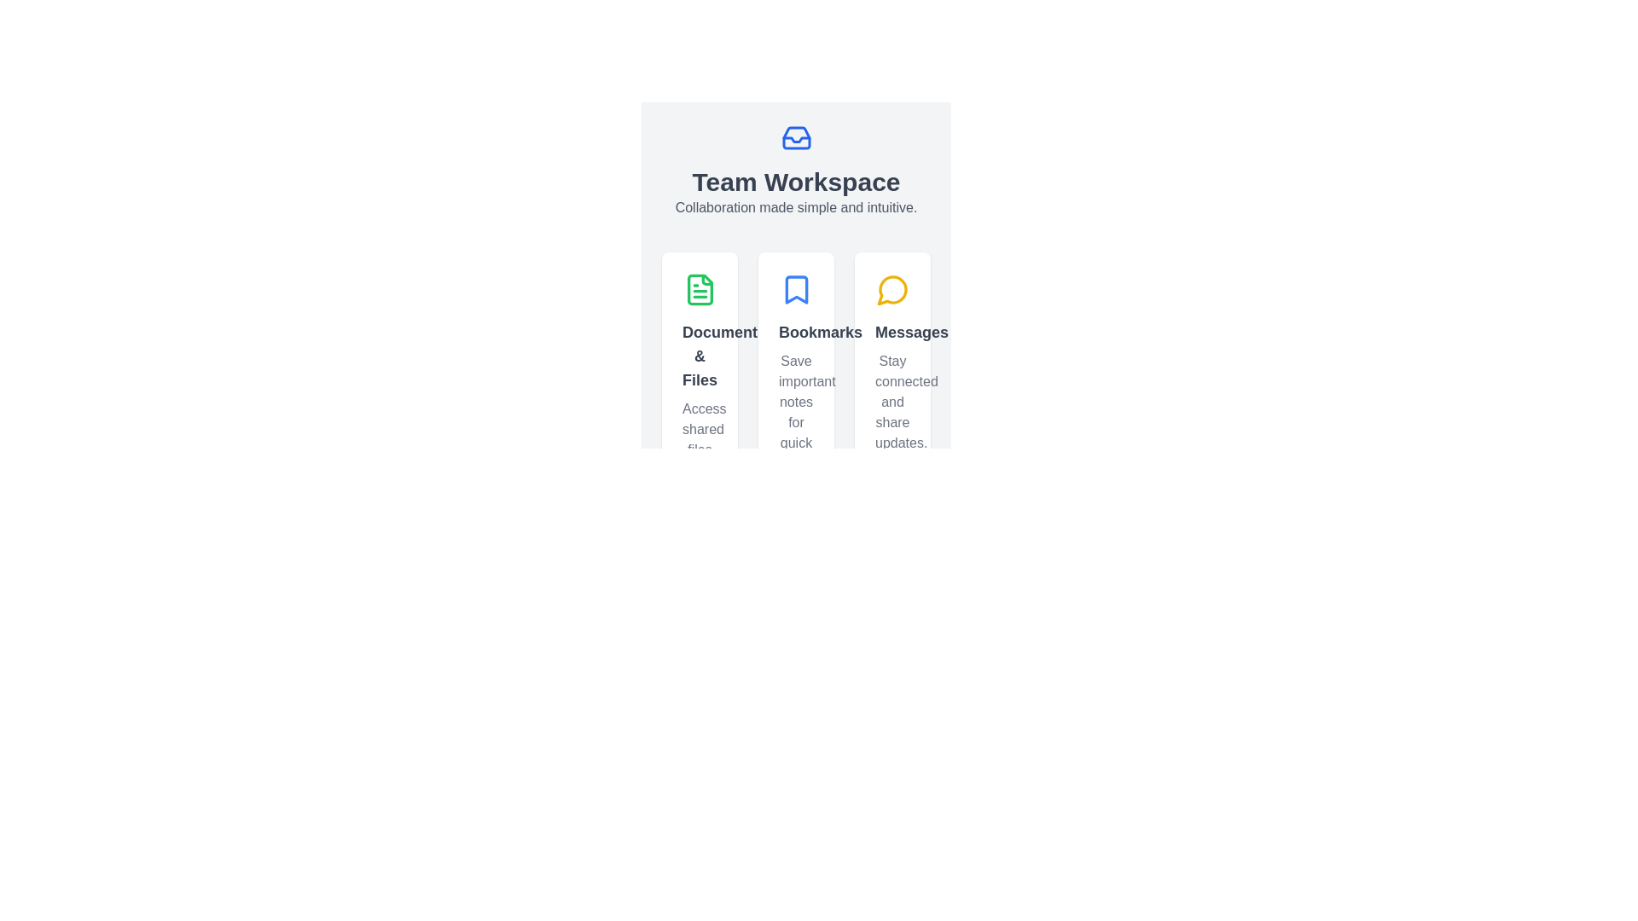  I want to click on the Section Header with Icon and Text that introduces the 'Team Workspace' feature, so click(795, 171).